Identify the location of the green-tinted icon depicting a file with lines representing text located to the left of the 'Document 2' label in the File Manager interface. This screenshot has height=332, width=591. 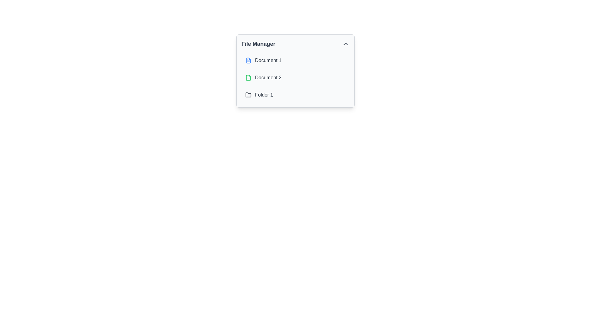
(248, 77).